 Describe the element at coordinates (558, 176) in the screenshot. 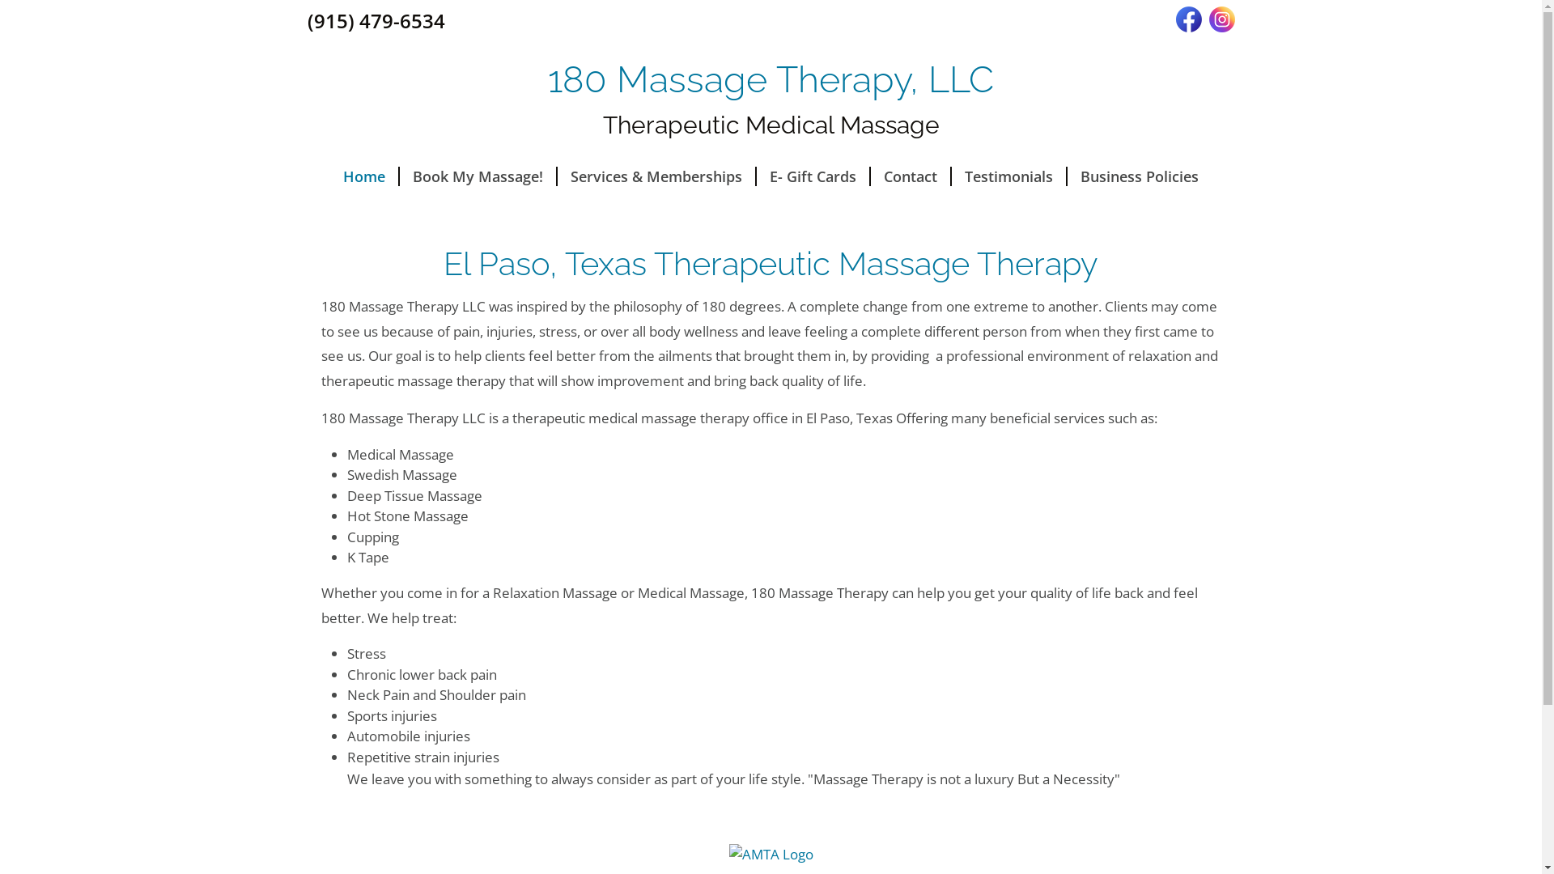

I see `'Services & Memberships'` at that location.